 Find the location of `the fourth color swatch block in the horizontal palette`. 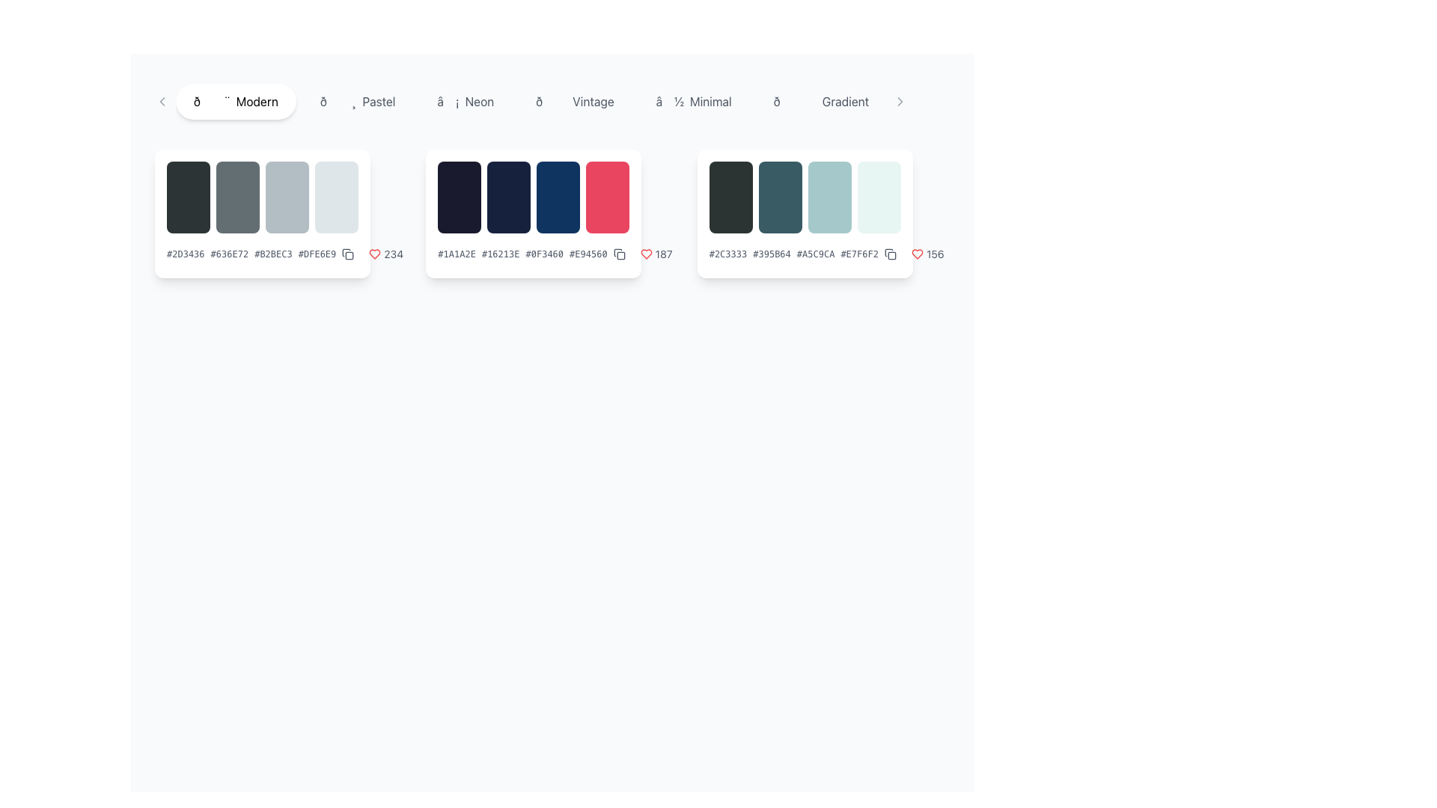

the fourth color swatch block in the horizontal palette is located at coordinates (879, 196).